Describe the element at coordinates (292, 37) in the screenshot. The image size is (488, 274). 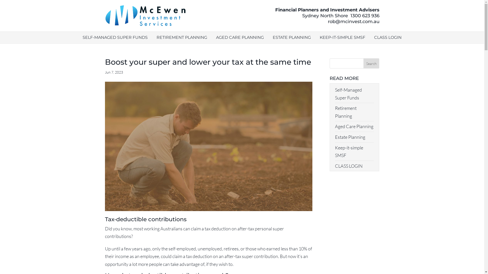
I see `'ESTATE PLANNING'` at that location.